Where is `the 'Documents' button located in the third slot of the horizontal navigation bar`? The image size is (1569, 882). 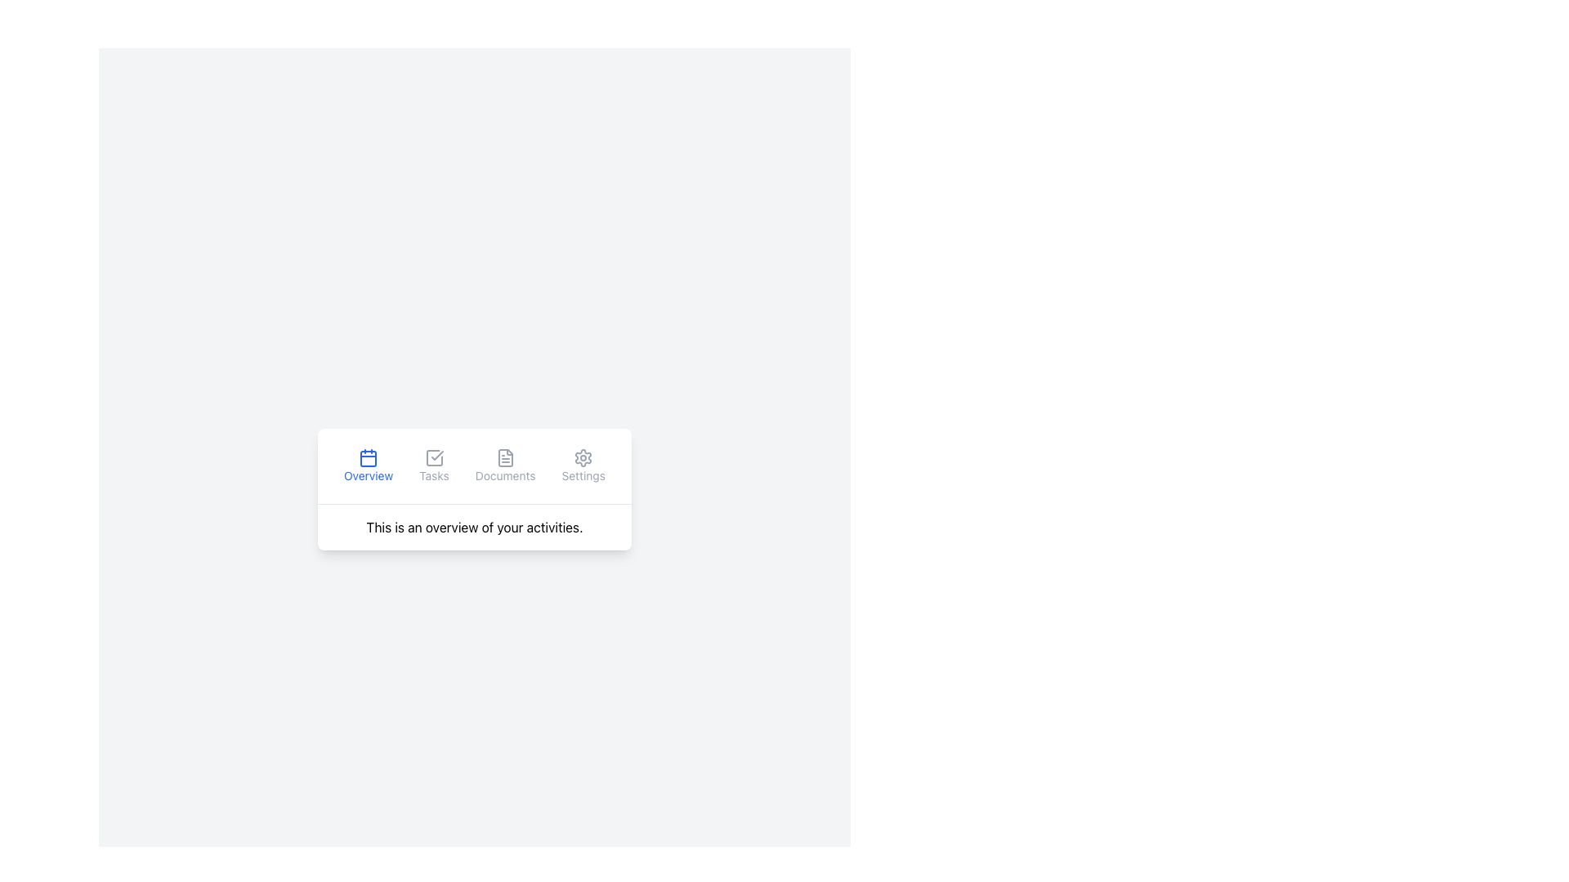 the 'Documents' button located in the third slot of the horizontal navigation bar is located at coordinates (504, 465).